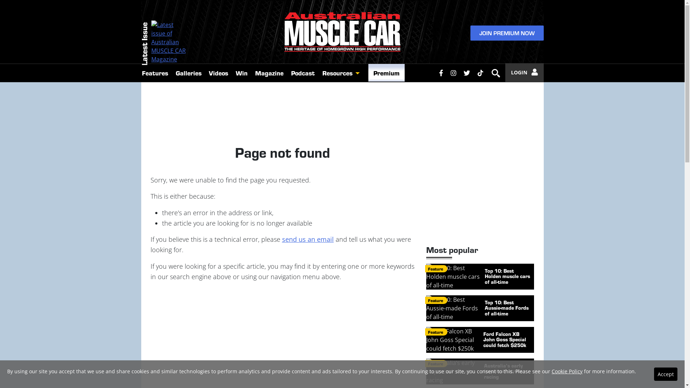 Image resolution: width=690 pixels, height=388 pixels. I want to click on 'Galleries', so click(171, 73).